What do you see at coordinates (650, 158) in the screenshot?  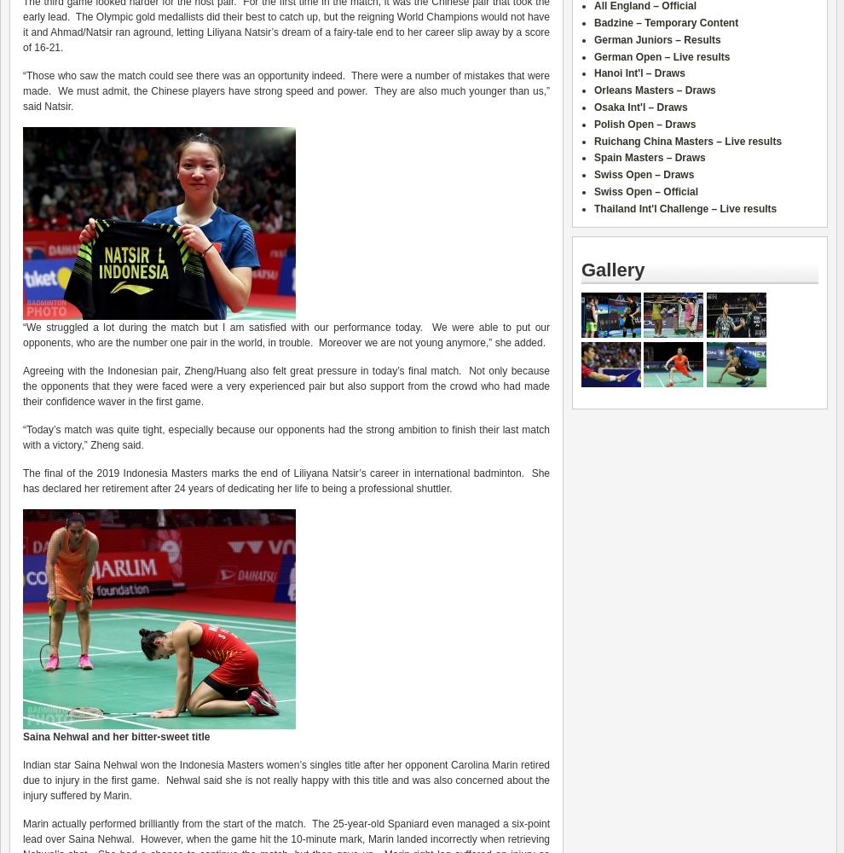 I see `'Spain Masters – Draws'` at bounding box center [650, 158].